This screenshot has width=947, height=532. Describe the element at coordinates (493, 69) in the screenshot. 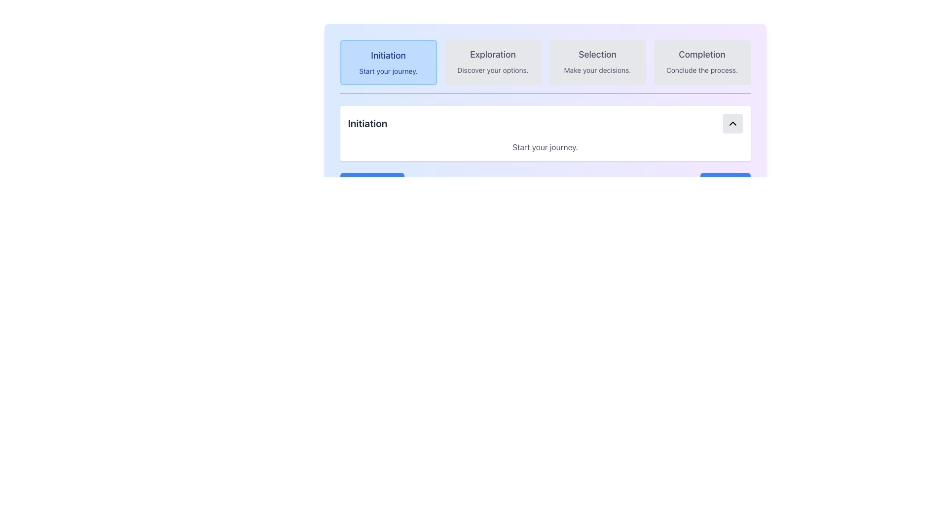

I see `the descriptive text label located in the 'Exploration' section, which provides guidance about this section` at that location.